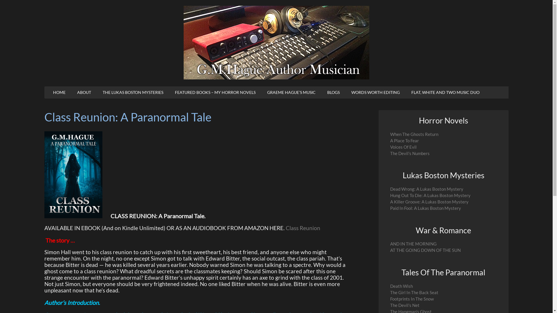 This screenshot has width=557, height=313. What do you see at coordinates (59, 92) in the screenshot?
I see `'HOME'` at bounding box center [59, 92].